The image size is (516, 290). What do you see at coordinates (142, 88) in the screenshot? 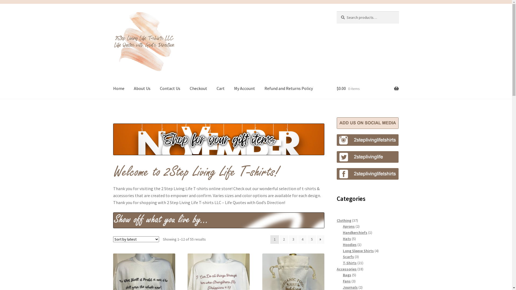
I see `'About Us'` at bounding box center [142, 88].